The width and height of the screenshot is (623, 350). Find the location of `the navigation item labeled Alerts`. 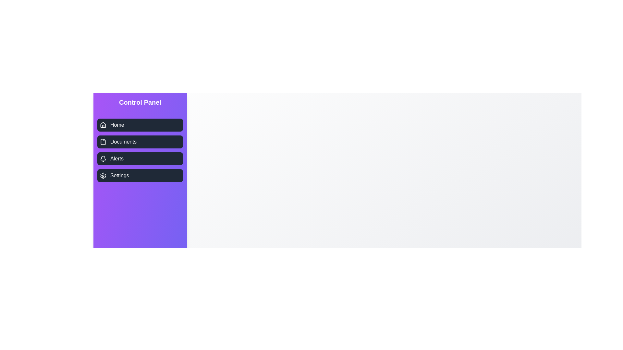

the navigation item labeled Alerts is located at coordinates (140, 158).